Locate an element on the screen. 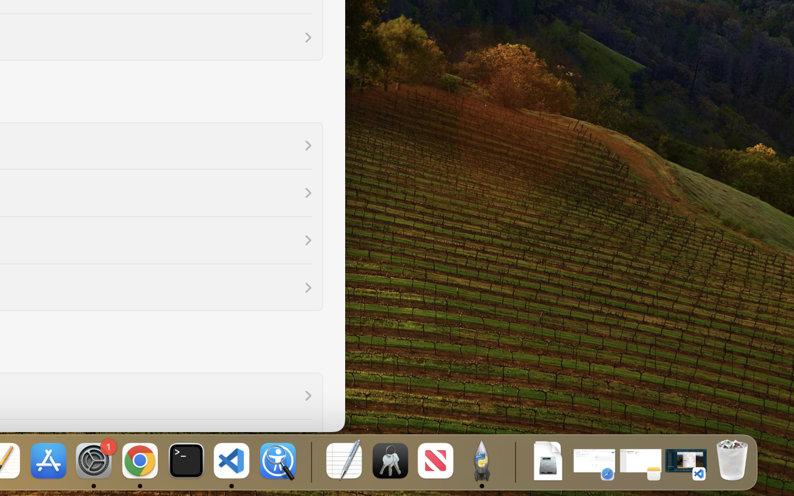 The height and width of the screenshot is (496, 794). '0.4285714328289032' is located at coordinates (310, 461).